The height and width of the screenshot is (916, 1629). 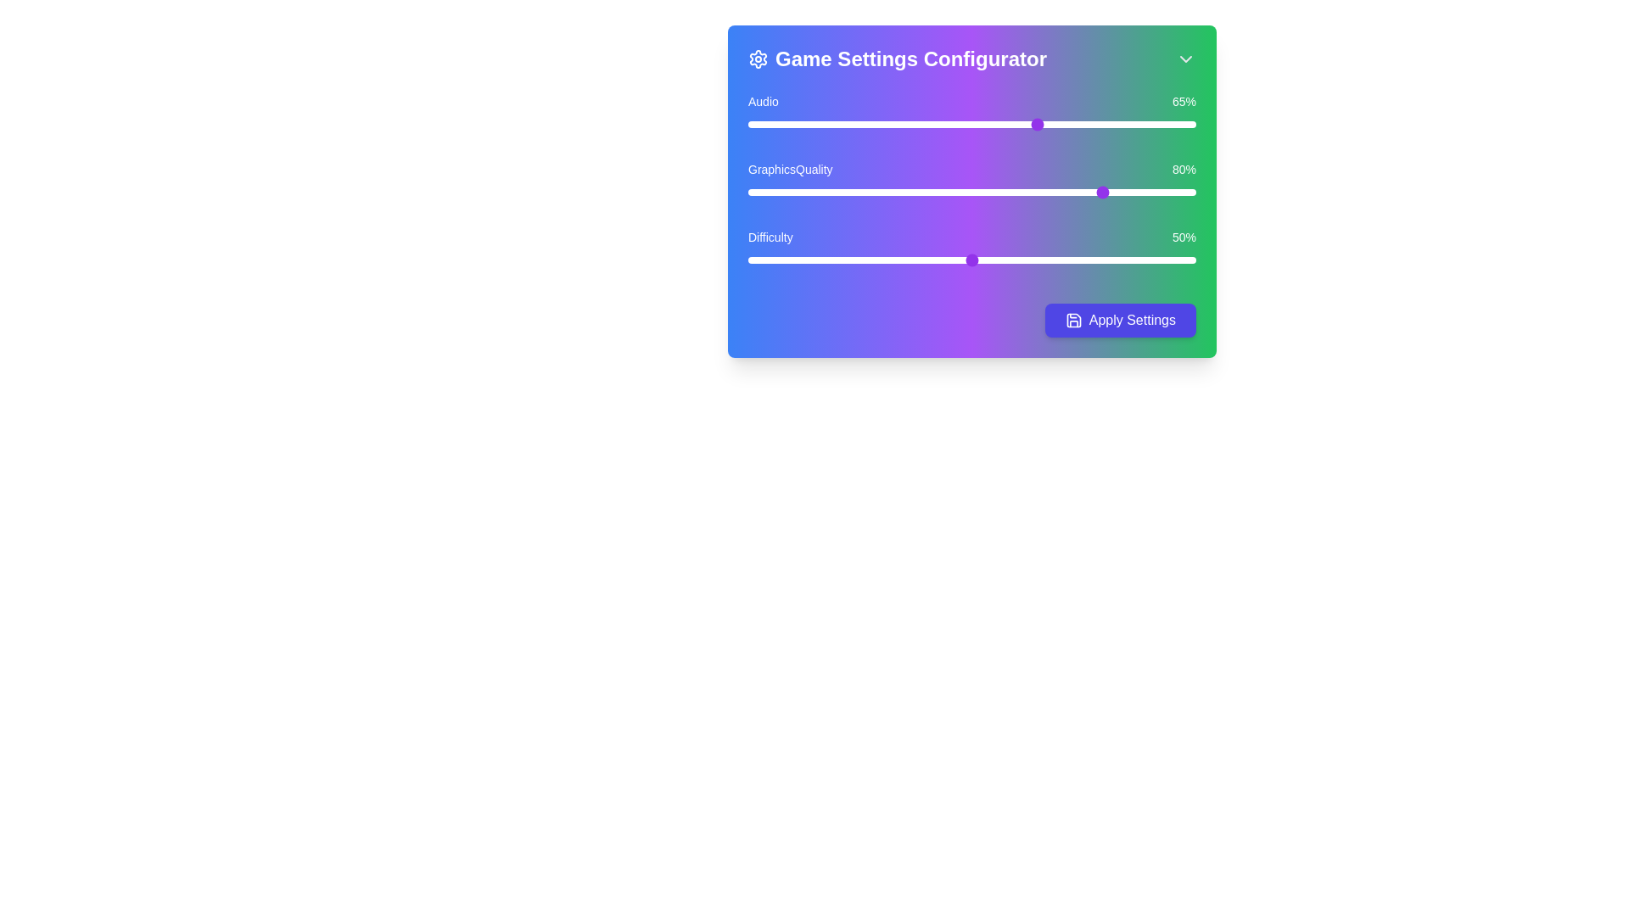 What do you see at coordinates (972, 260) in the screenshot?
I see `the slider for adjusting the 'Difficulty' level, which currently displays '50%'` at bounding box center [972, 260].